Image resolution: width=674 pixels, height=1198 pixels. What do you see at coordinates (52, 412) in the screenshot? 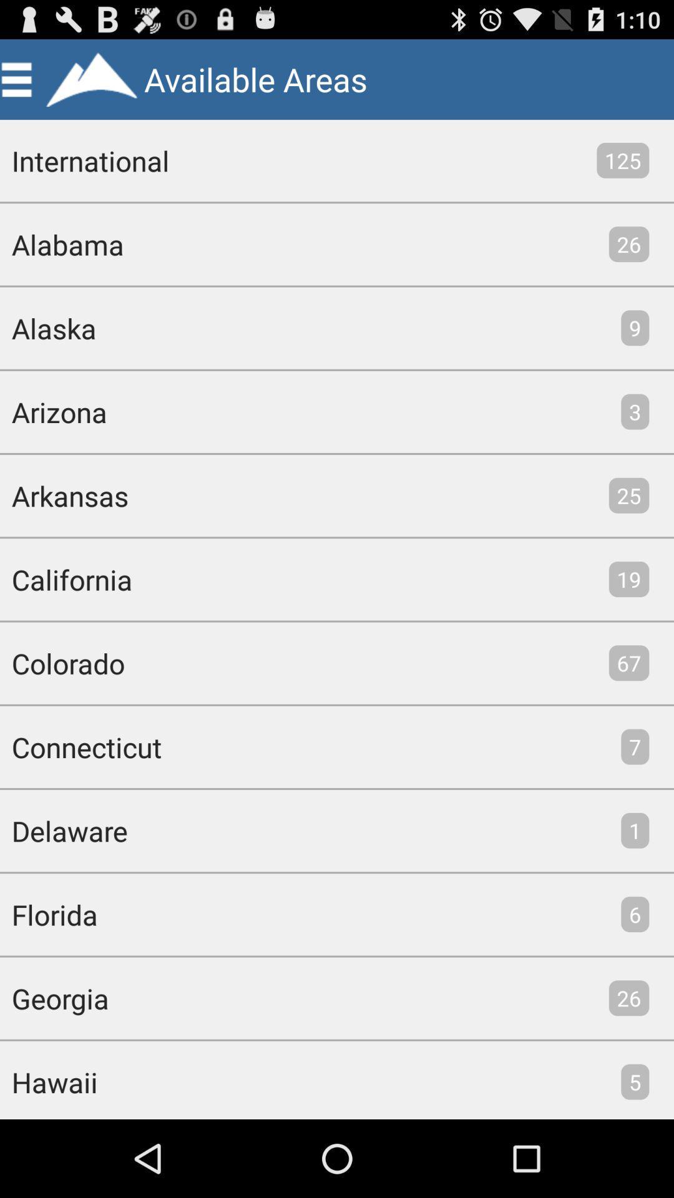
I see `item above arkansas item` at bounding box center [52, 412].